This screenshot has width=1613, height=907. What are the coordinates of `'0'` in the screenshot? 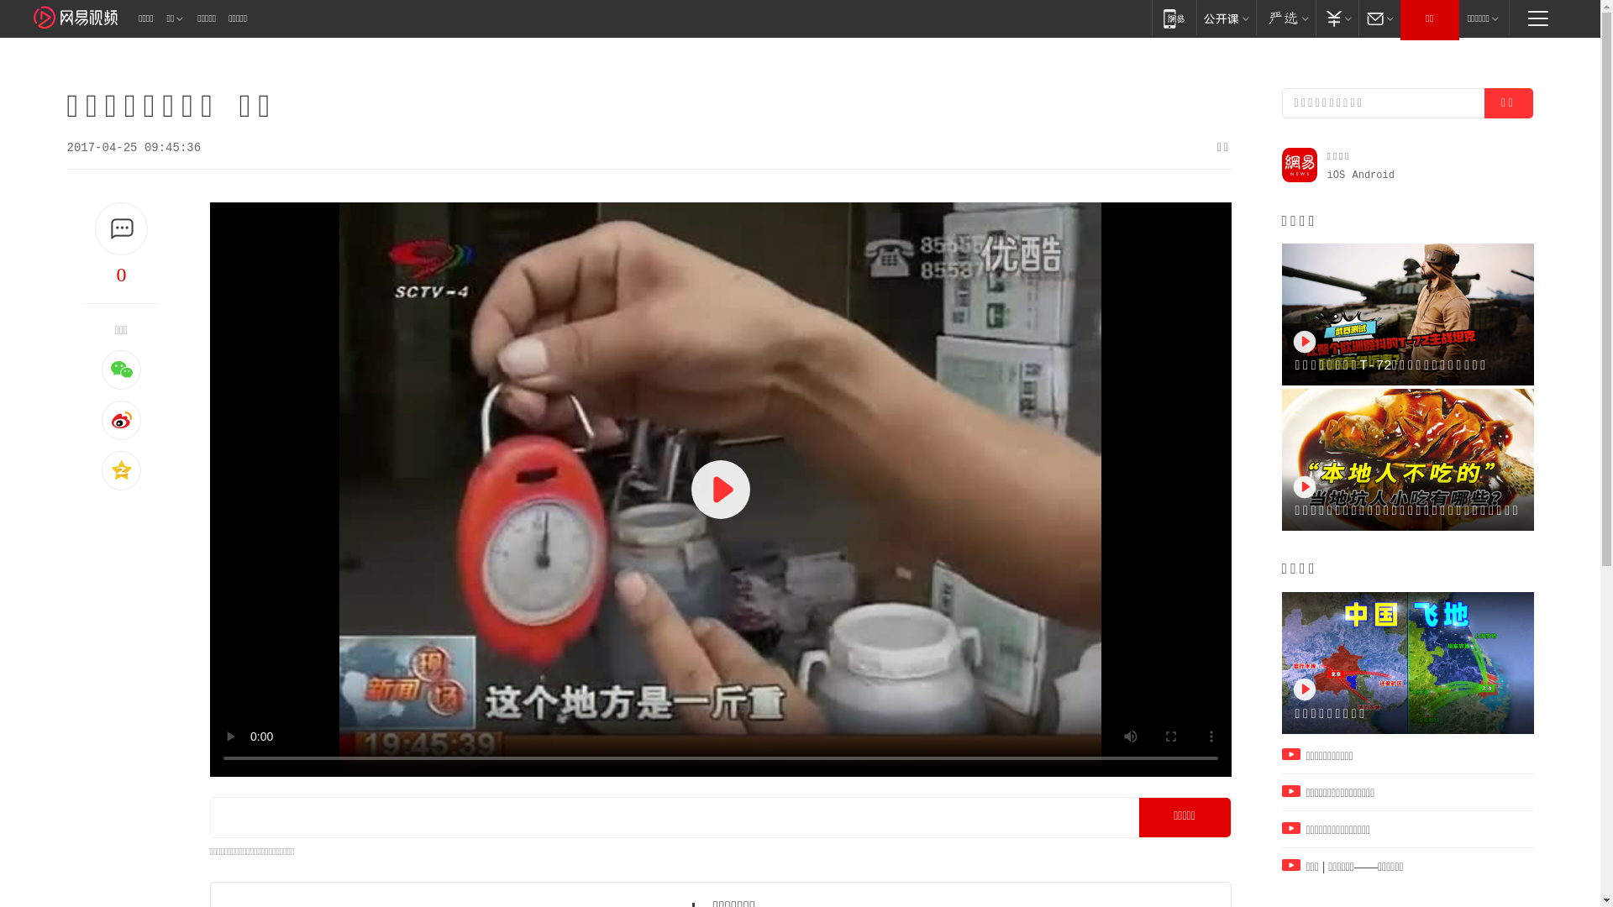 It's located at (67, 274).